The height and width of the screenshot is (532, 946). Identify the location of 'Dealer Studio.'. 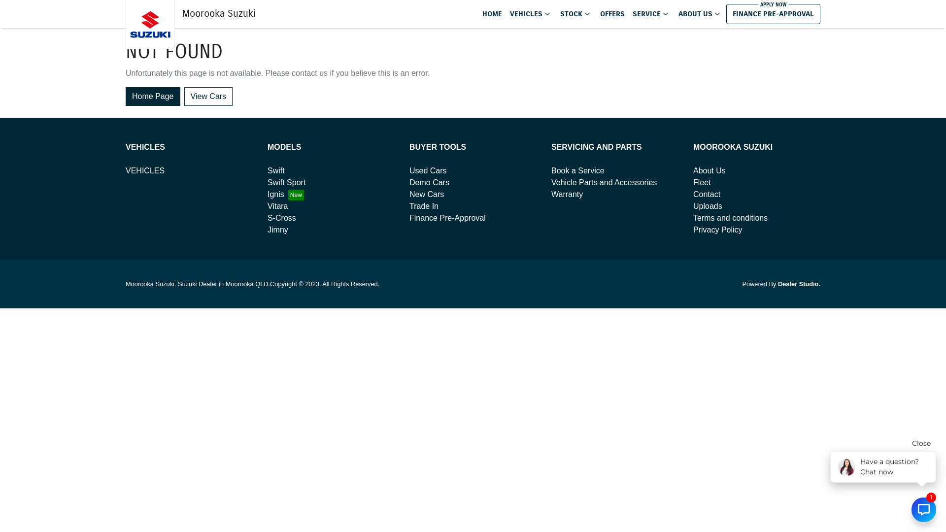
(799, 283).